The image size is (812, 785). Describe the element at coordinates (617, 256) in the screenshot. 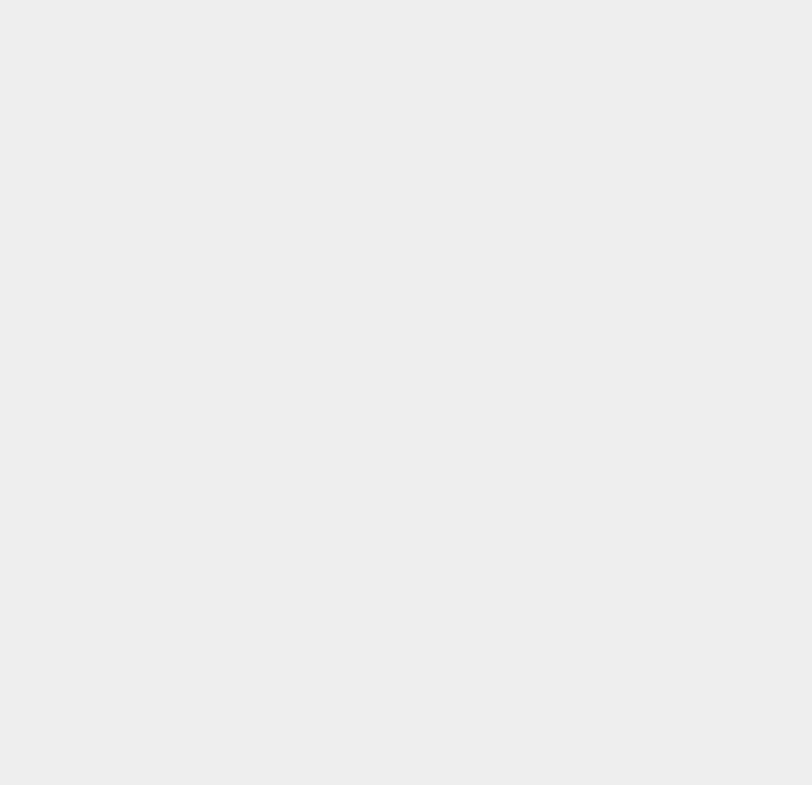

I see `'Stock Photography'` at that location.